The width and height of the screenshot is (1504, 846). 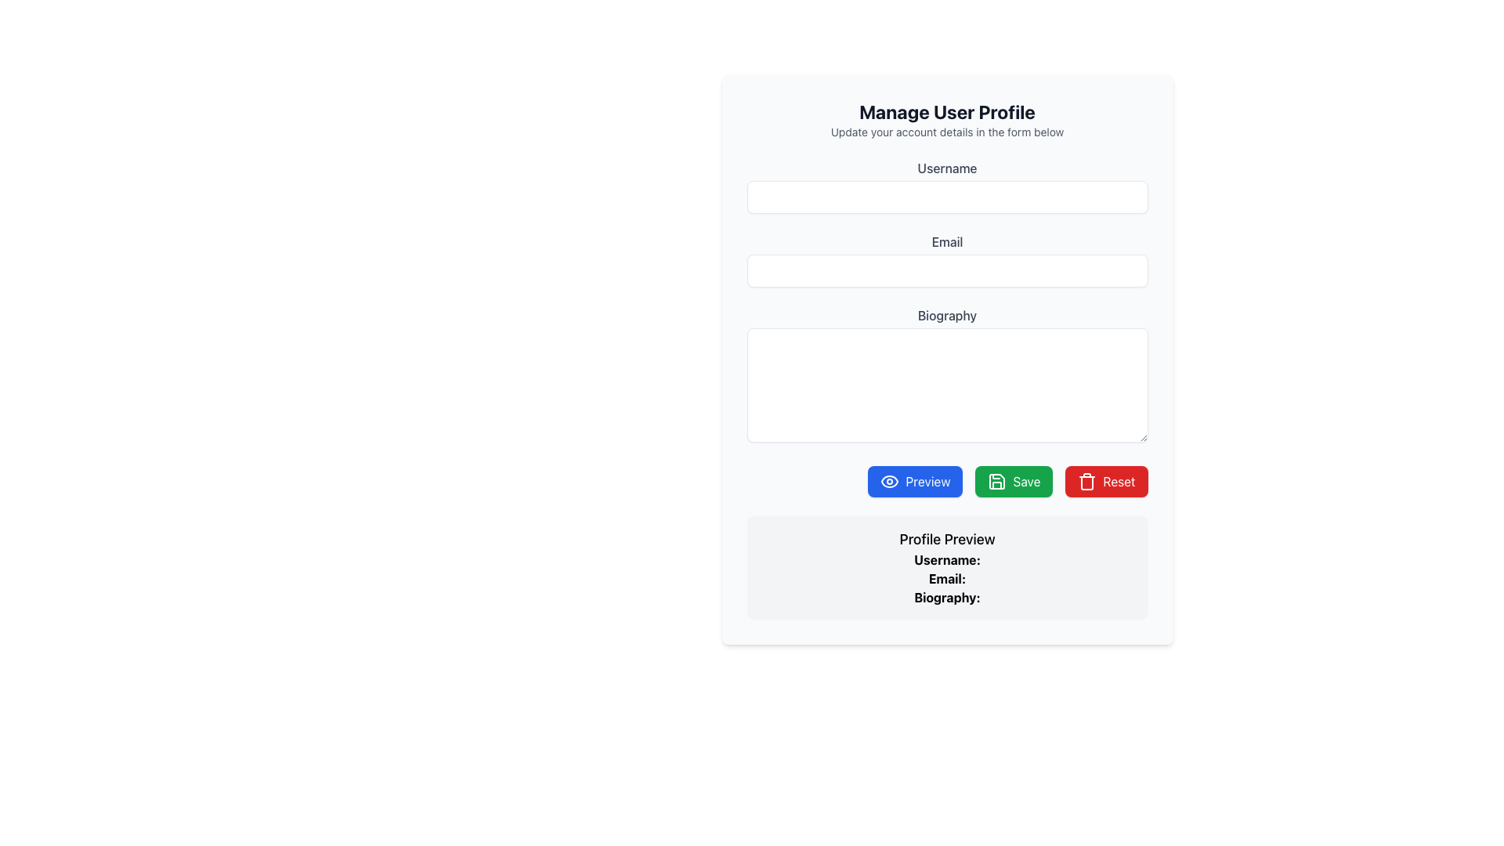 What do you see at coordinates (946, 480) in the screenshot?
I see `the blue 'Preview' button located below the biography input field, which is the first of three similar buttons and has an eye-shaped icon to its left` at bounding box center [946, 480].